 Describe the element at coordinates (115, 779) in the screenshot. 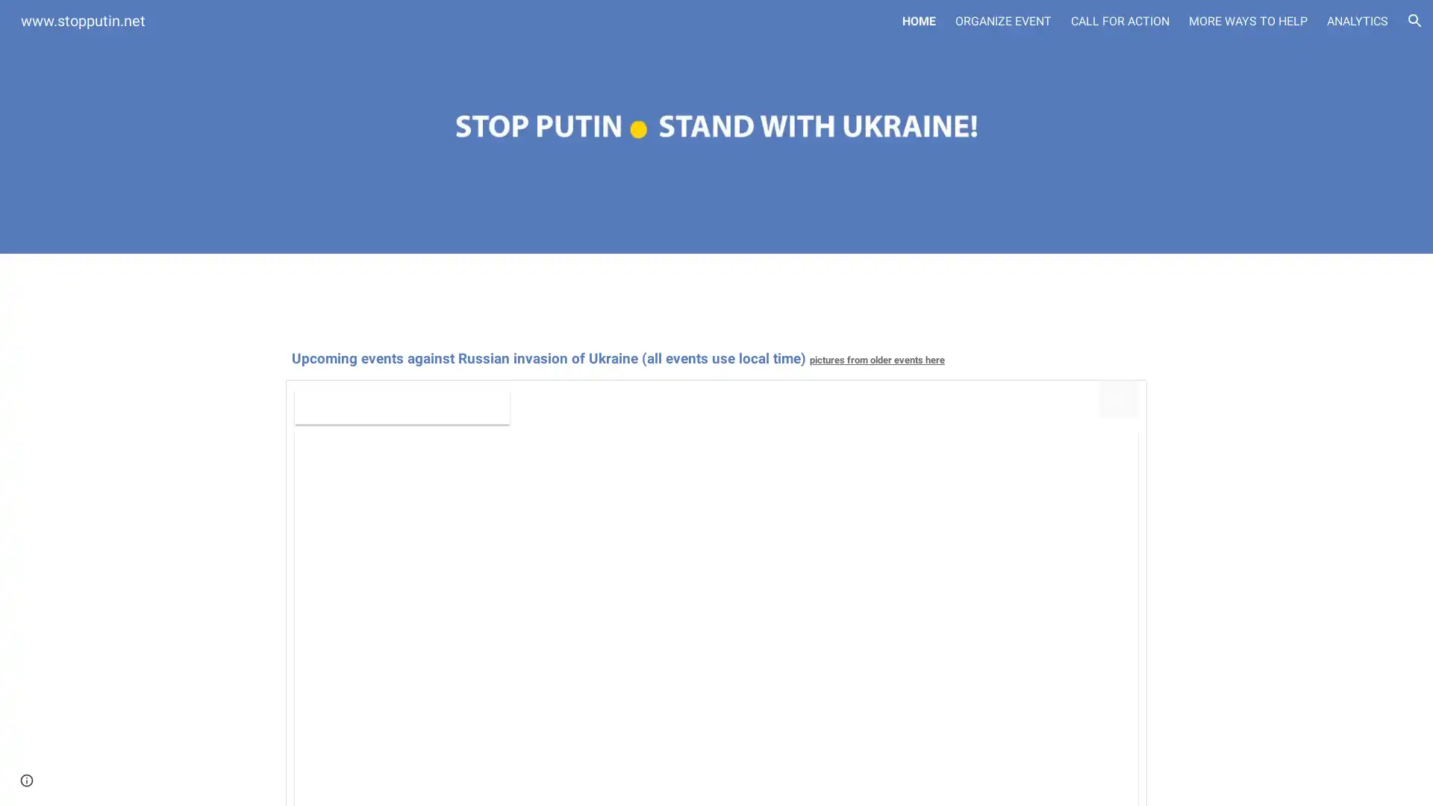

I see `Google Sites` at that location.